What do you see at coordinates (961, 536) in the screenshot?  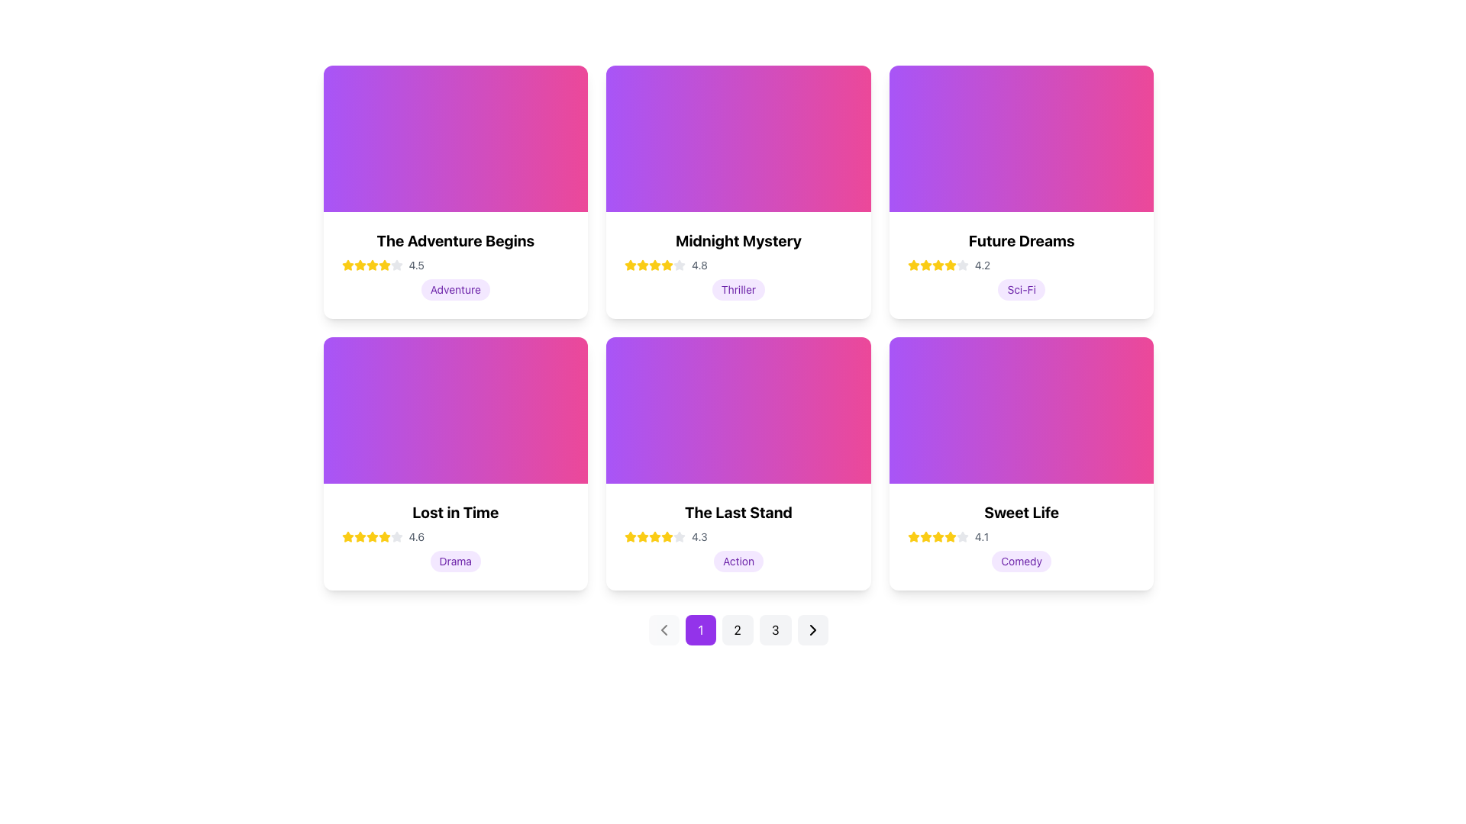 I see `the fifth rating star icon, which is a filled light gray star located in the fourth card of the second row for the movie 'Sweet Life'` at bounding box center [961, 536].